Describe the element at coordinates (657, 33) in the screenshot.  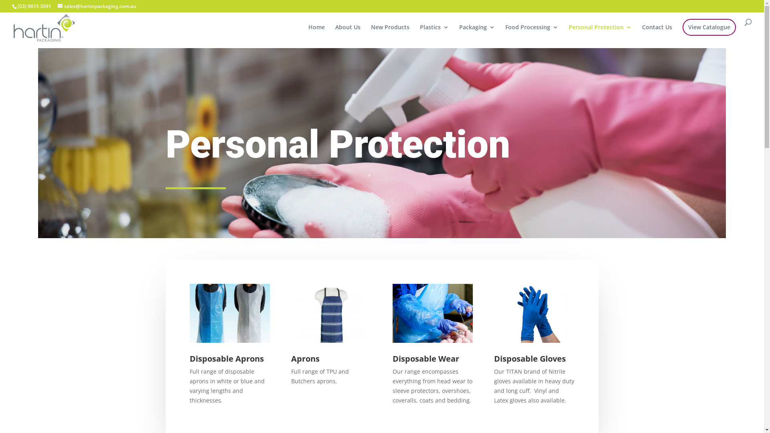
I see `'Contact Us'` at that location.